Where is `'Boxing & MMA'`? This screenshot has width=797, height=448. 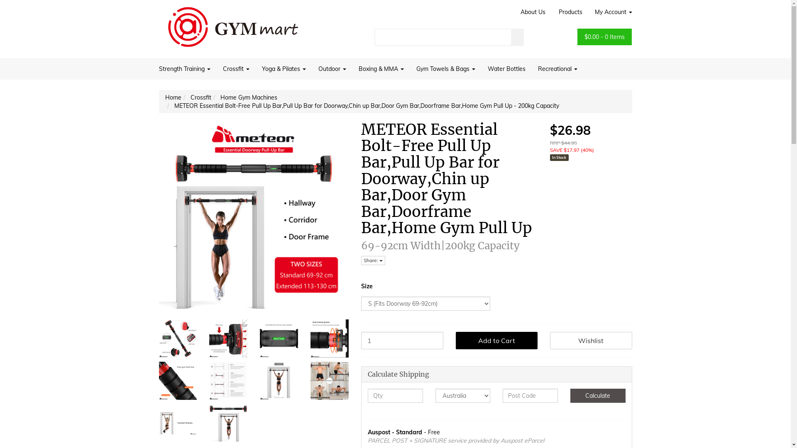 'Boxing & MMA' is located at coordinates (380, 68).